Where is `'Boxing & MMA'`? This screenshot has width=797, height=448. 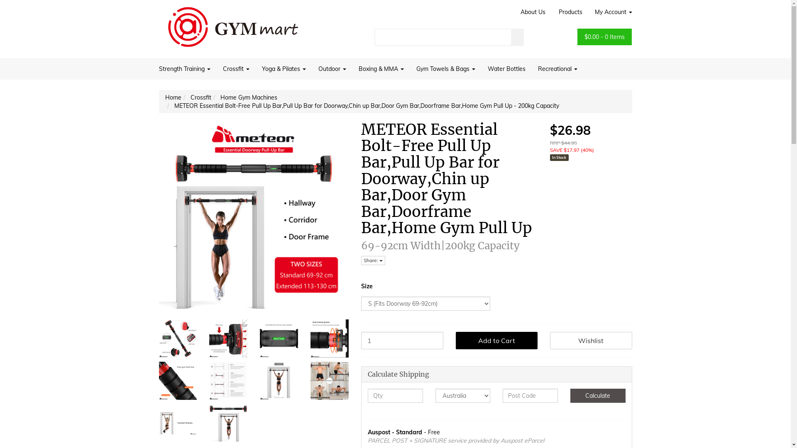 'Boxing & MMA' is located at coordinates (380, 68).